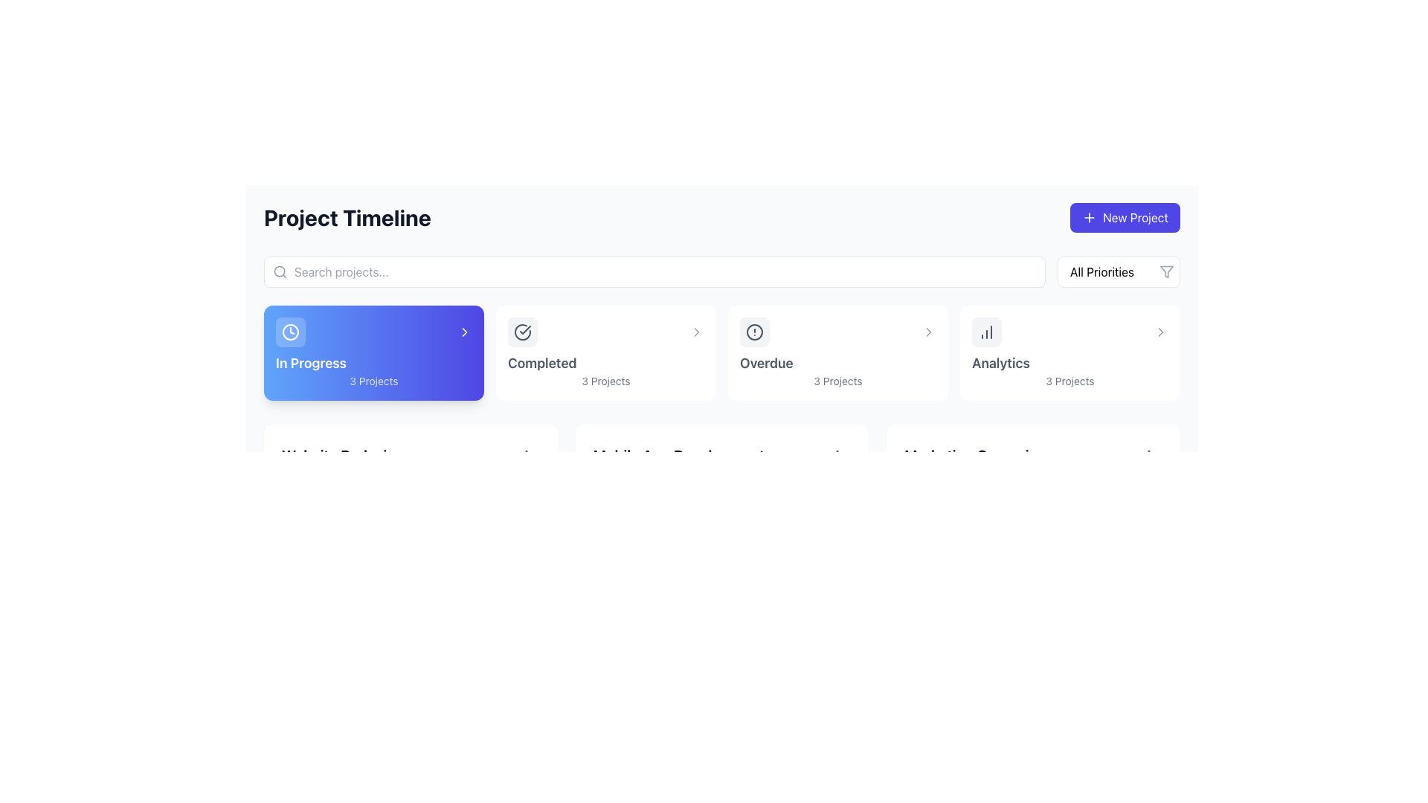 Image resolution: width=1428 pixels, height=803 pixels. What do you see at coordinates (378, 502) in the screenshot?
I see `the visual representation of the progress by interacting with the horizontal gradient progress bar indicator, which is filled 75% with a blue to indigo transition` at bounding box center [378, 502].